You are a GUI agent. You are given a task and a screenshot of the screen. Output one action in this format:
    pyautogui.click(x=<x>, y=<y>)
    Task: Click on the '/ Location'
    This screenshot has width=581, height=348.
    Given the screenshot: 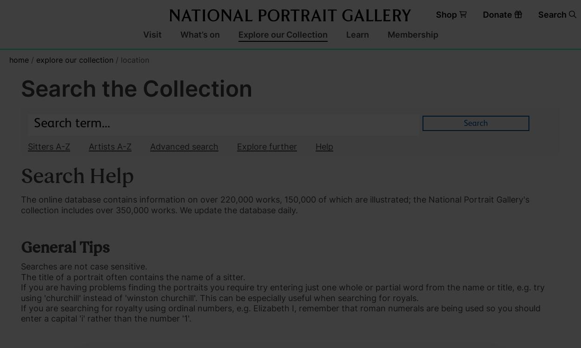 What is the action you would take?
    pyautogui.click(x=131, y=59)
    